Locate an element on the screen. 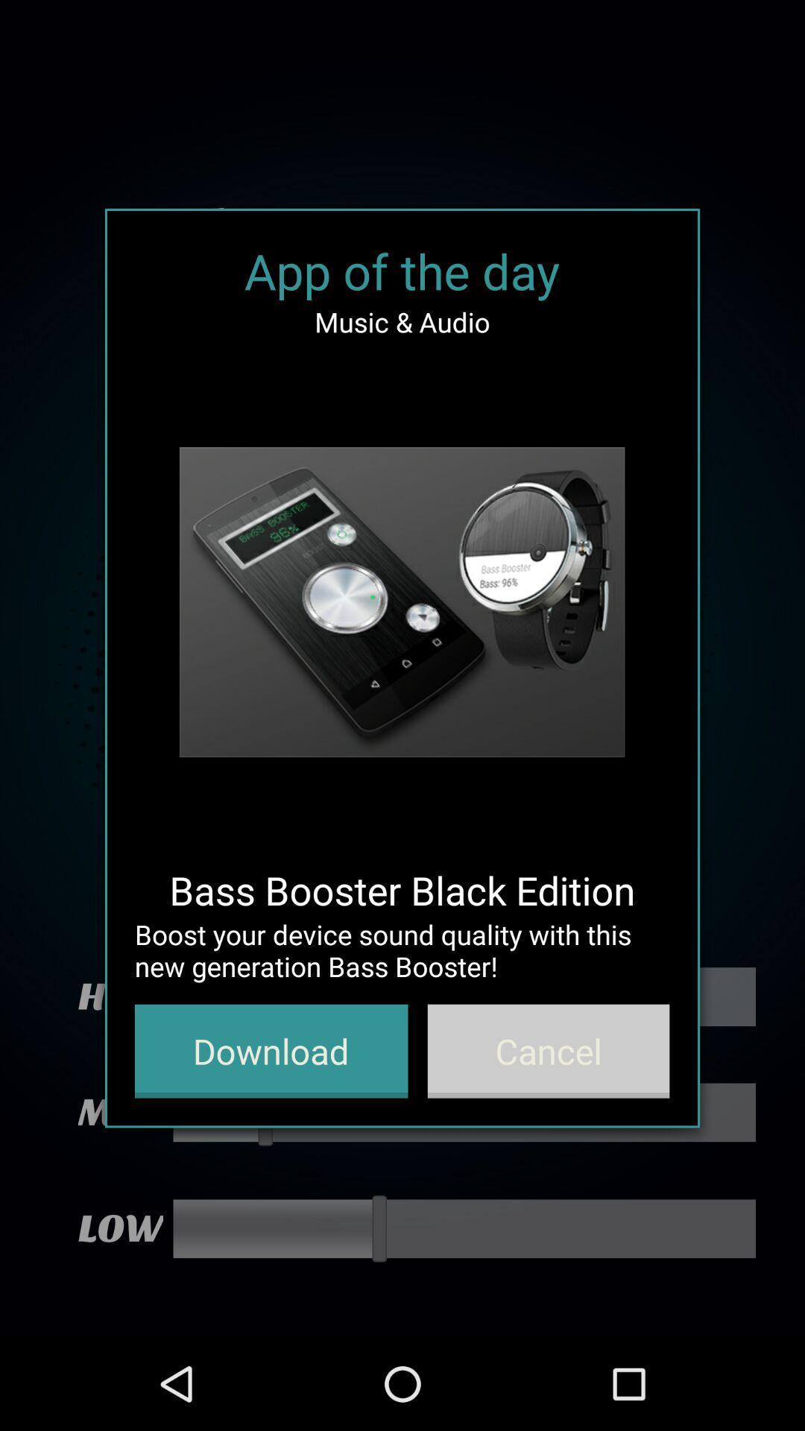 The width and height of the screenshot is (805, 1431). download item is located at coordinates (271, 1050).